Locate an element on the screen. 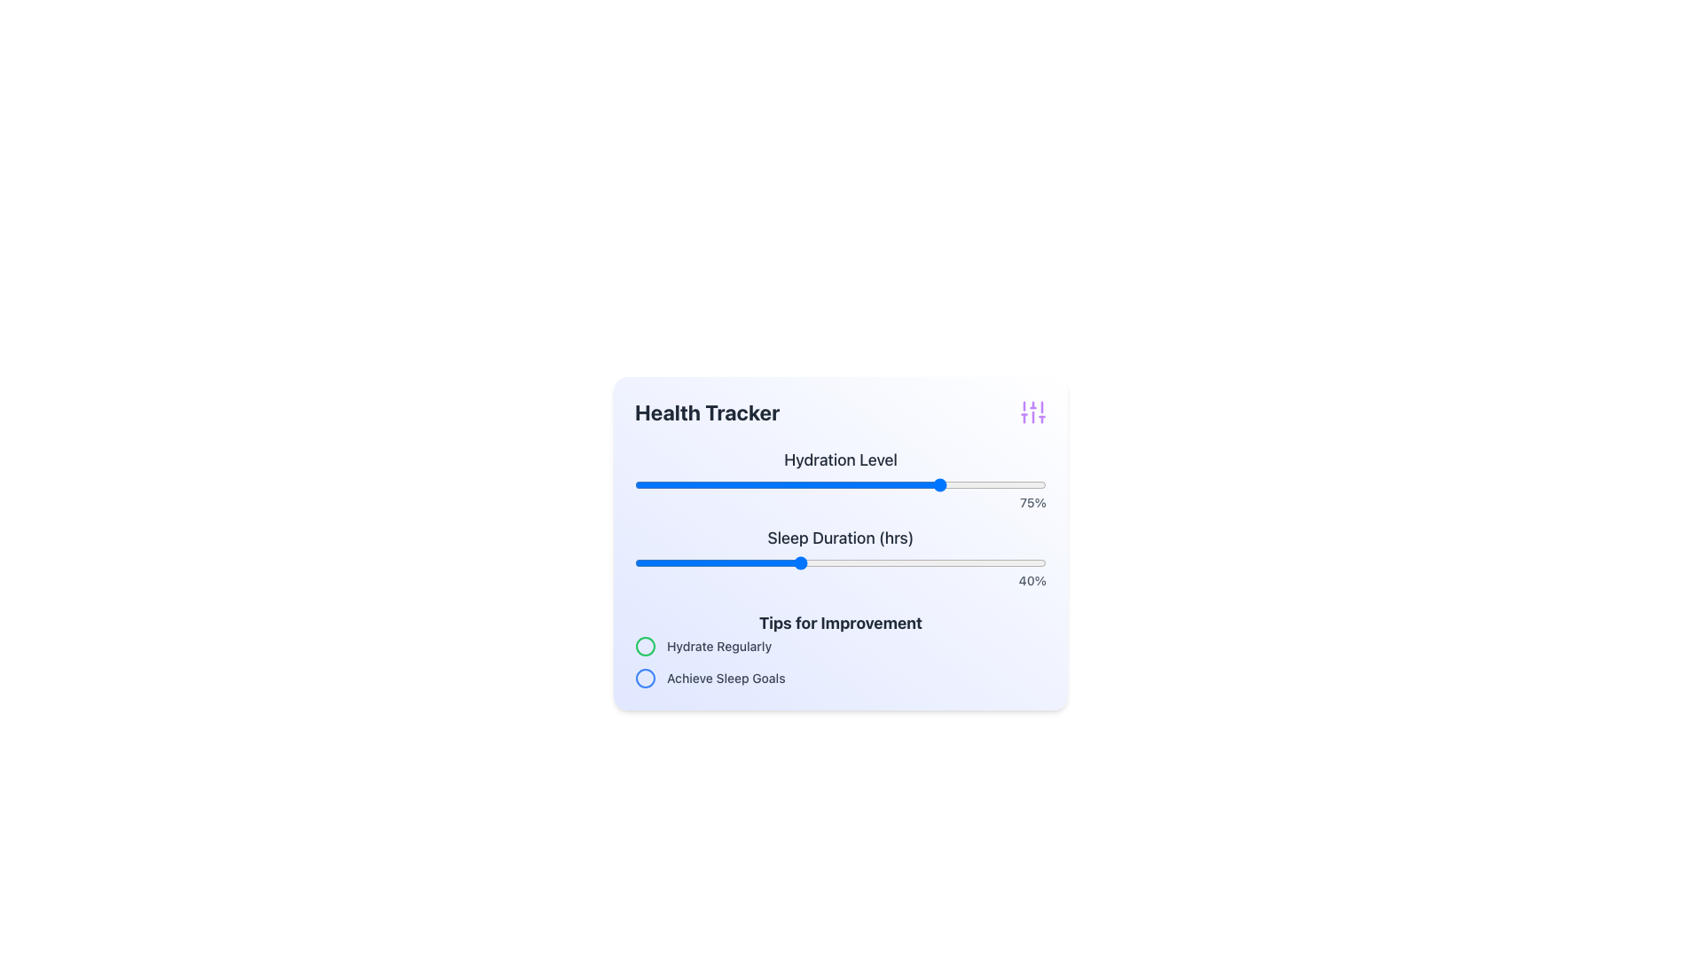 The image size is (1703, 958). the hydration level is located at coordinates (840, 485).